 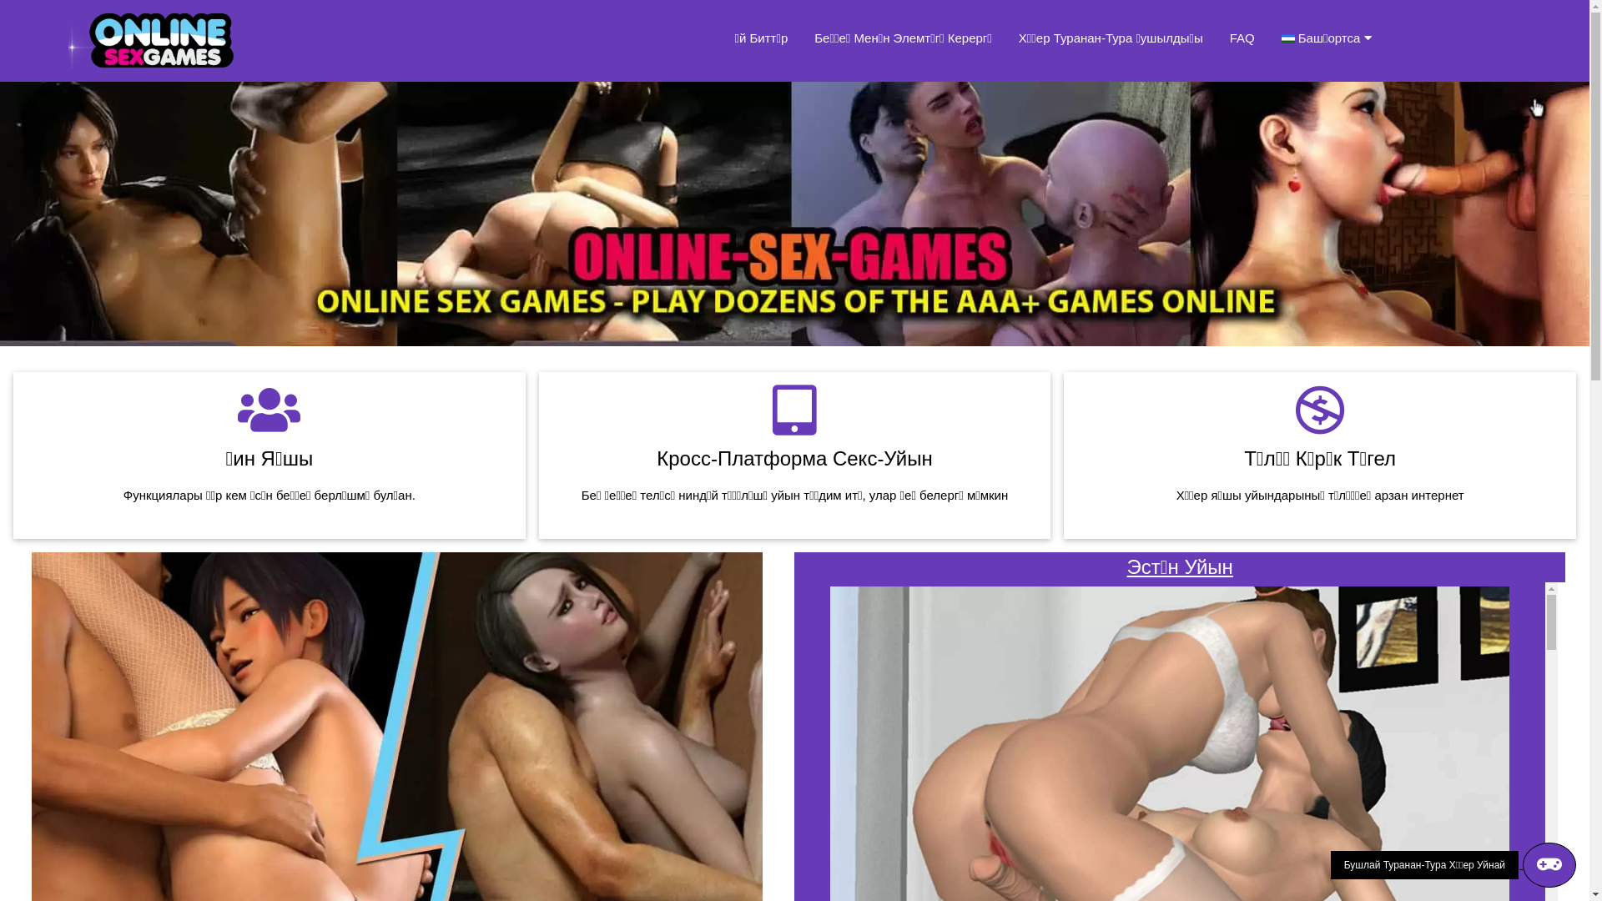 I want to click on 'FAQ', so click(x=1217, y=38).